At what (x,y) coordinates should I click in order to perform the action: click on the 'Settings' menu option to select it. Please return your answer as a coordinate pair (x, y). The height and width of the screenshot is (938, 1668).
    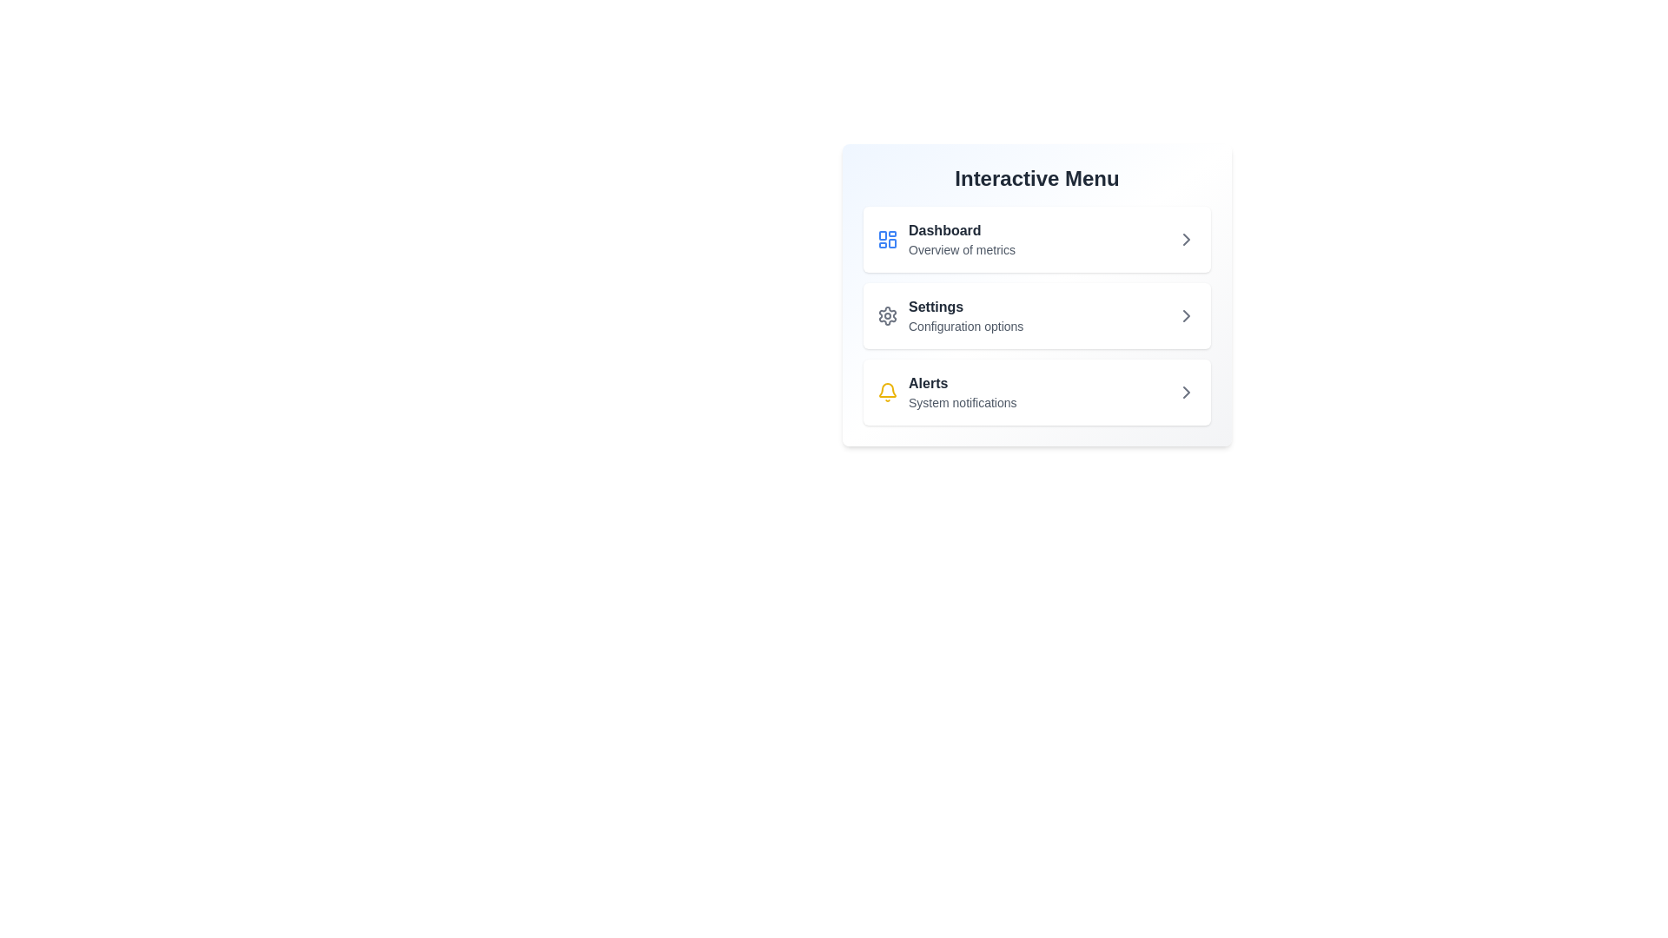
    Looking at the image, I should click on (965, 315).